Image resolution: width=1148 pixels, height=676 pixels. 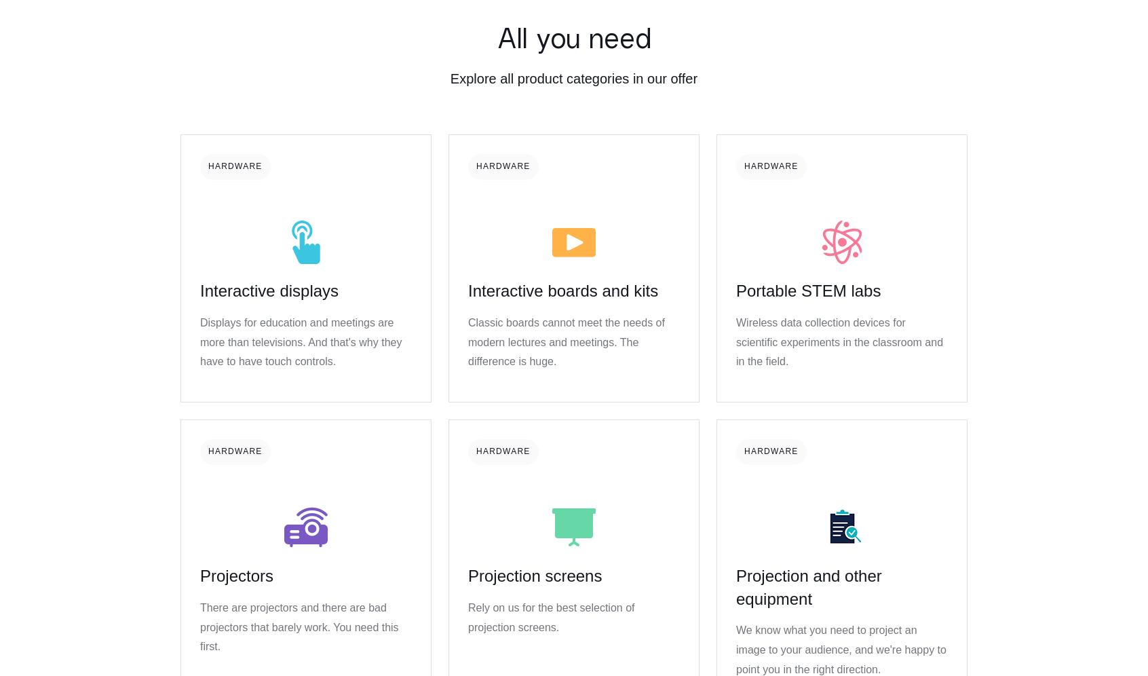 I want to click on 'There are projectors and there are bad projectors that barely work. You need this first.', so click(x=298, y=626).